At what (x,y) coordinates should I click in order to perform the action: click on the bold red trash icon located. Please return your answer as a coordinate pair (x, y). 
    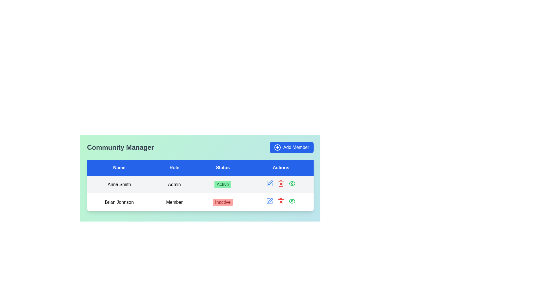
    Looking at the image, I should click on (281, 202).